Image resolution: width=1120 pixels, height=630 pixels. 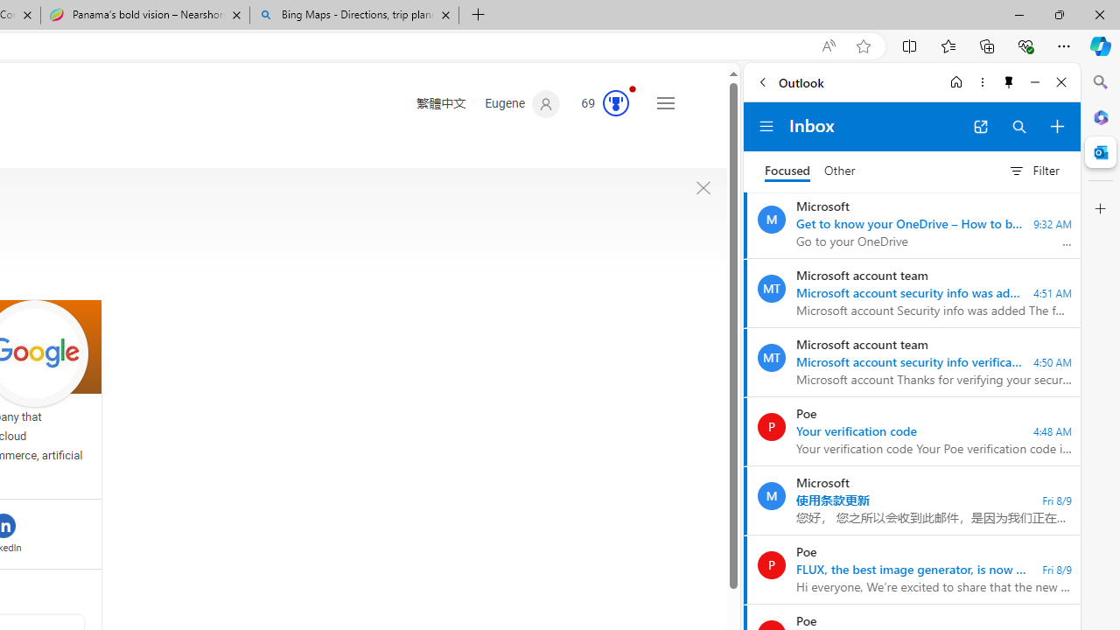 What do you see at coordinates (827, 45) in the screenshot?
I see `'Read aloud this page (Ctrl+Shift+U)'` at bounding box center [827, 45].